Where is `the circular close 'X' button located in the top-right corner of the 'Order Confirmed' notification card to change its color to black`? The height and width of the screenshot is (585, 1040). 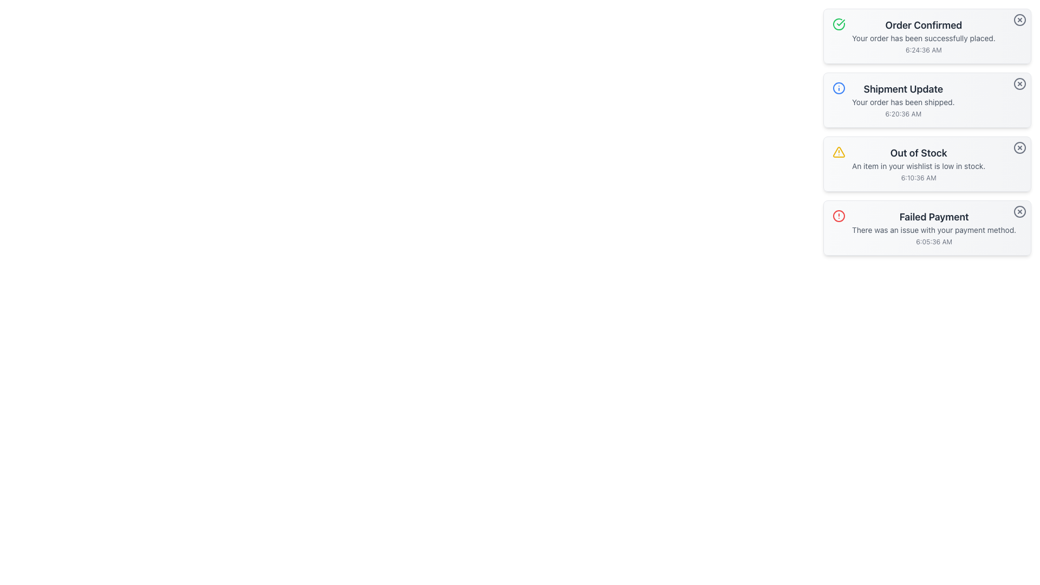 the circular close 'X' button located in the top-right corner of the 'Order Confirmed' notification card to change its color to black is located at coordinates (1019, 20).